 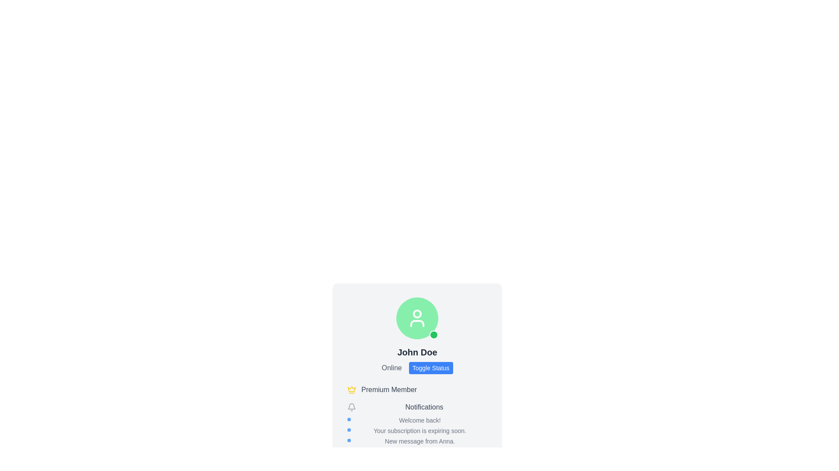 What do you see at coordinates (352, 407) in the screenshot?
I see `the bell-shaped notification icon, which is gray in color and positioned to the left of the 'Notifications' text, located at the bottom of the user information card` at bounding box center [352, 407].